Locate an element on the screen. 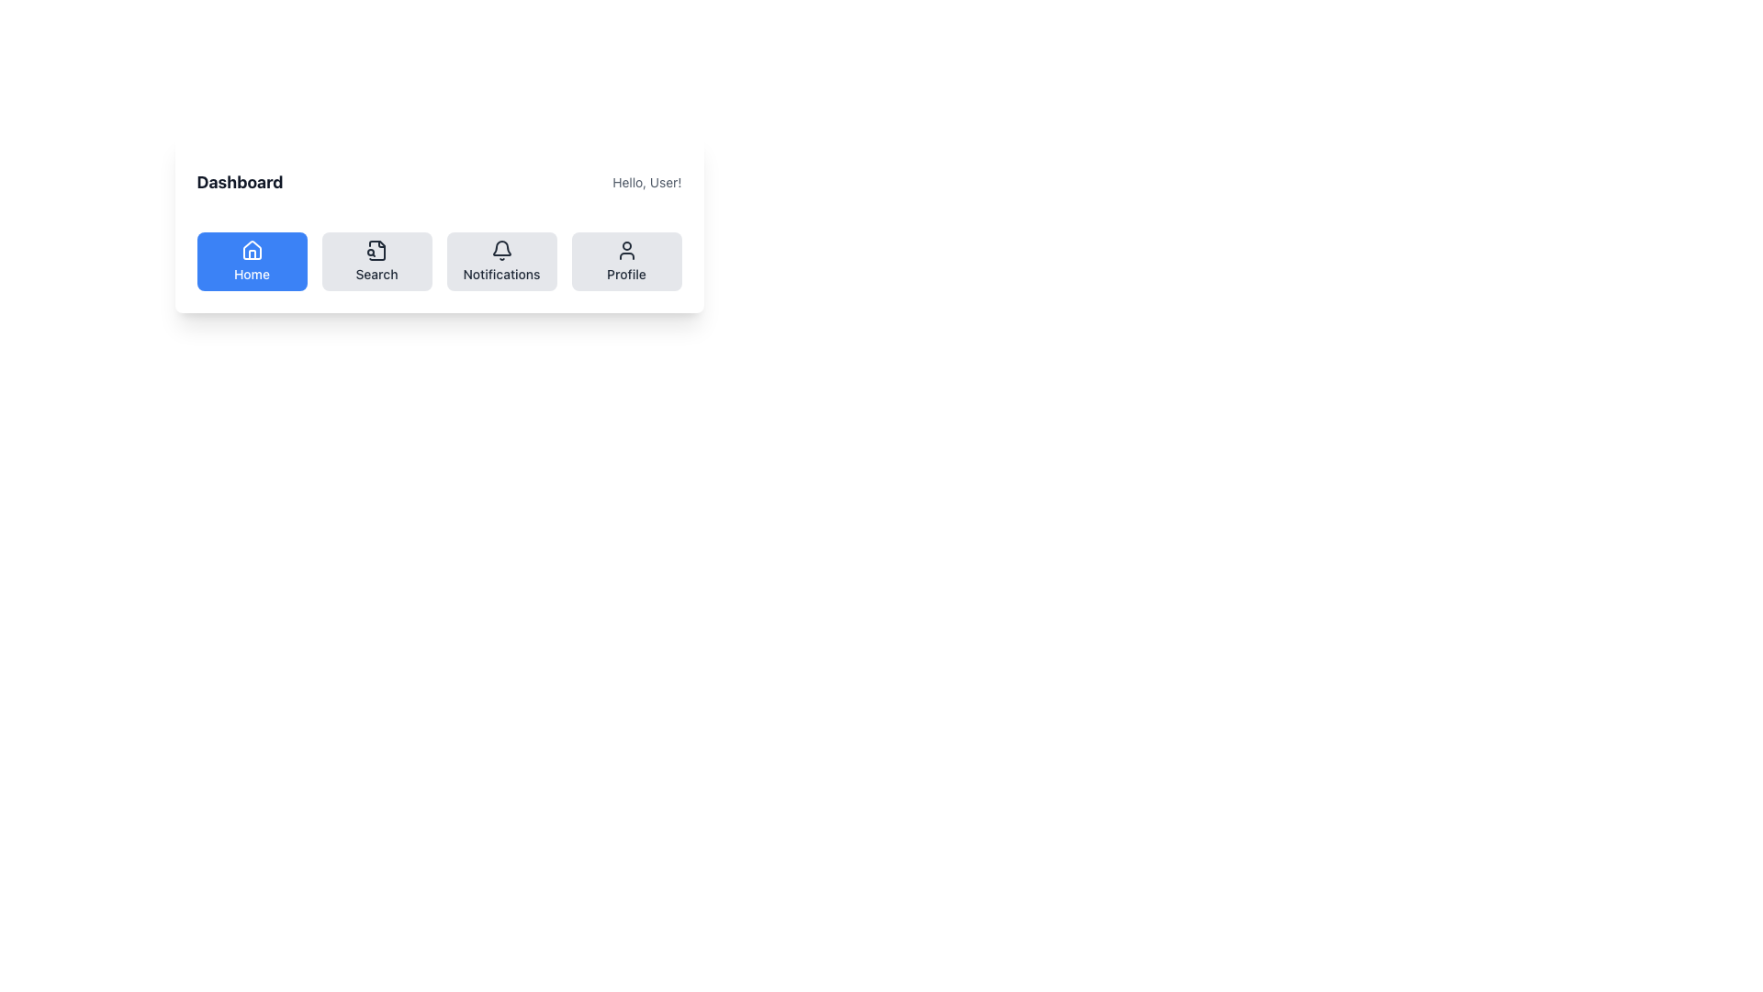 Image resolution: width=1763 pixels, height=992 pixels. the 'Search' text label located beneath the icon in the second button of the horizontal menu bar under the 'Dashboard' header is located at coordinates (376, 275).